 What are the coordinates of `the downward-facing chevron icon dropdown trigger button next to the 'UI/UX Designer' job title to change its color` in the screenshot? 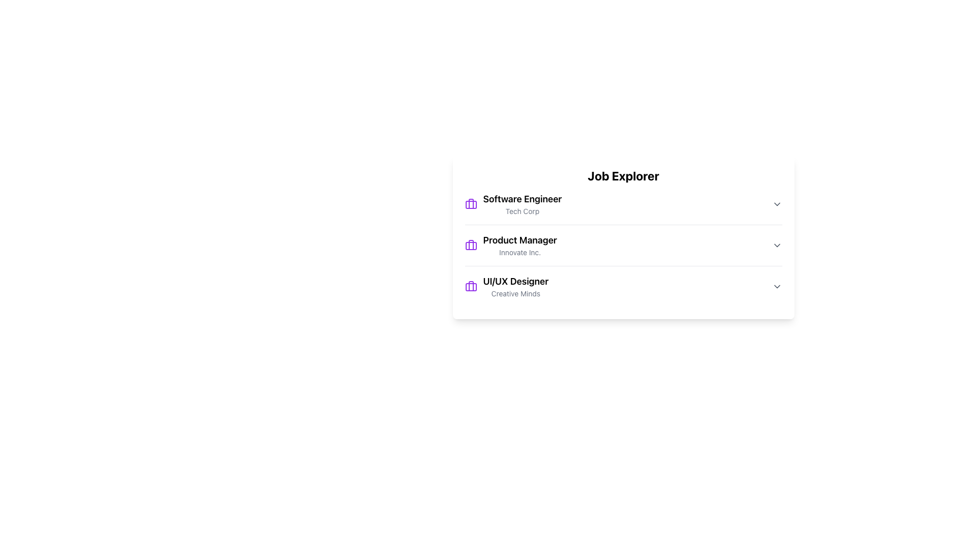 It's located at (776, 286).